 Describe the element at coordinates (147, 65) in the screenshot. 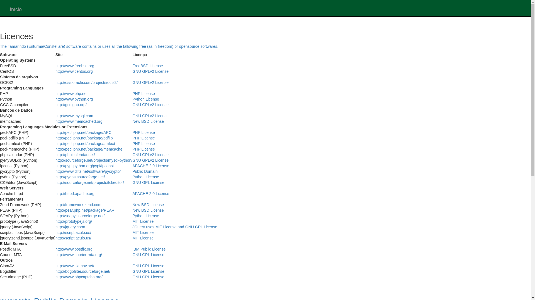

I see `'FreeBSD License'` at that location.